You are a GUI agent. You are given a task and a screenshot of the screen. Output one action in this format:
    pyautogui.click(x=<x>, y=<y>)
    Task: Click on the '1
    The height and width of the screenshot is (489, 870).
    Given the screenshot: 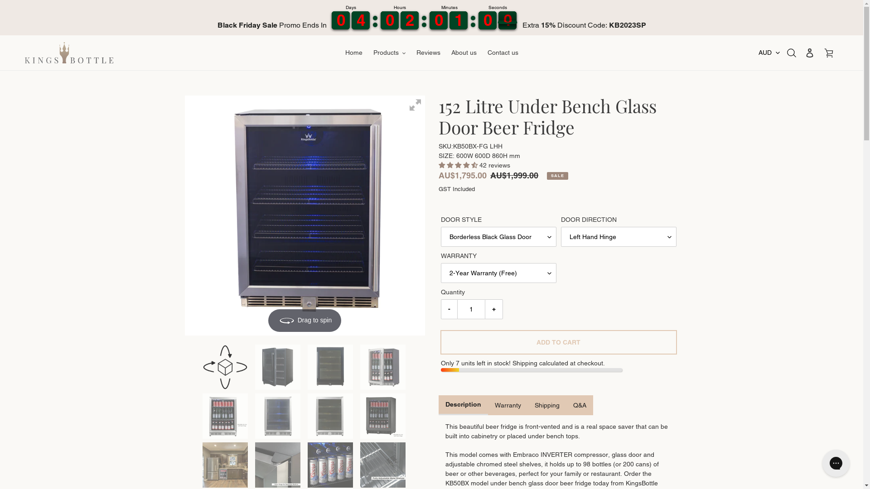 What is the action you would take?
    pyautogui.click(x=409, y=20)
    